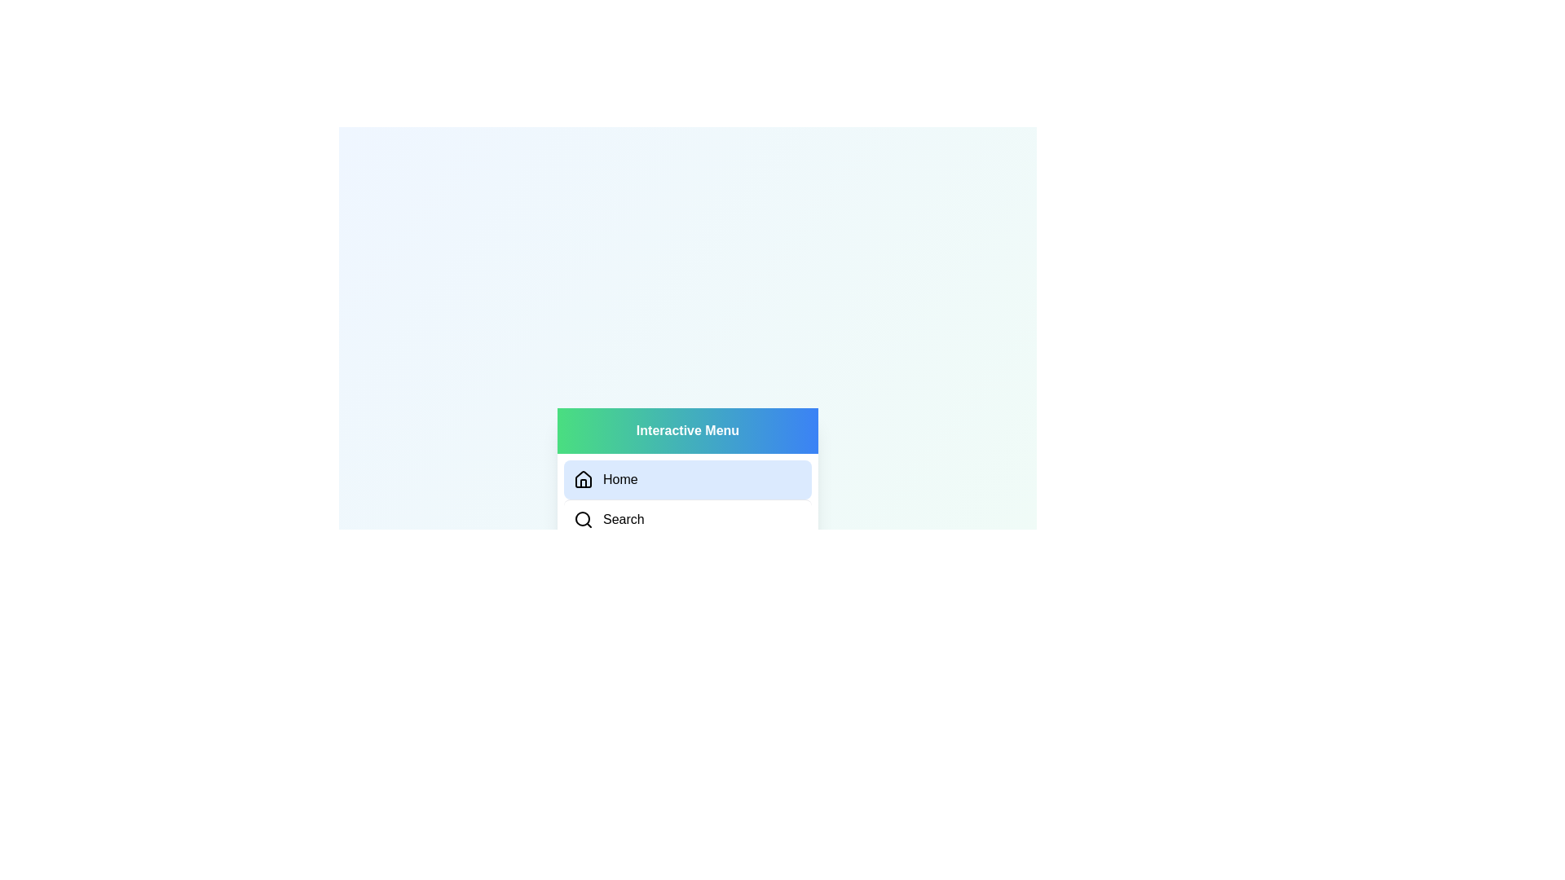  I want to click on the menu item Home, so click(688, 479).